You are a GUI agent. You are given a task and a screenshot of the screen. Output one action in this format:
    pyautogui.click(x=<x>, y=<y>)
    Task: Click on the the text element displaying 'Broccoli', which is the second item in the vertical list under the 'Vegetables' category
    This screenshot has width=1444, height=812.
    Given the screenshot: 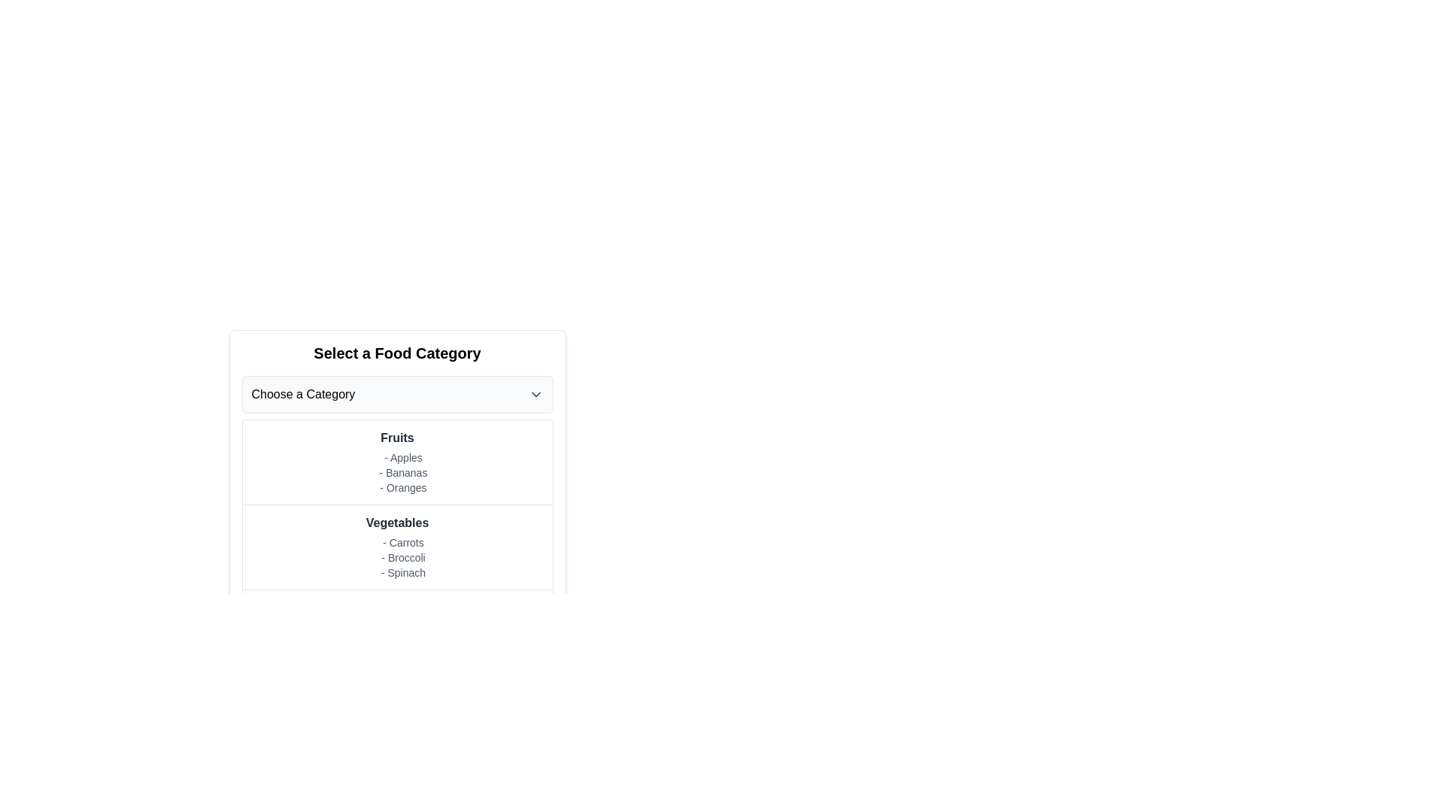 What is the action you would take?
    pyautogui.click(x=403, y=557)
    